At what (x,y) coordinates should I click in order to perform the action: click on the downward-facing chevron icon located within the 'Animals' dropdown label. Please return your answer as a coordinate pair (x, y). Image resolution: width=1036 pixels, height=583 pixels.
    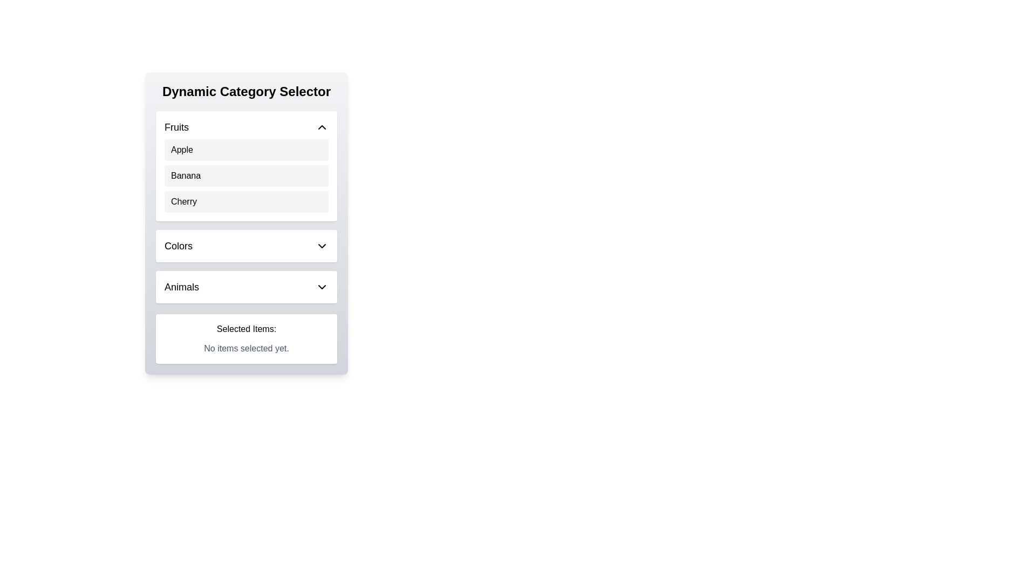
    Looking at the image, I should click on (321, 287).